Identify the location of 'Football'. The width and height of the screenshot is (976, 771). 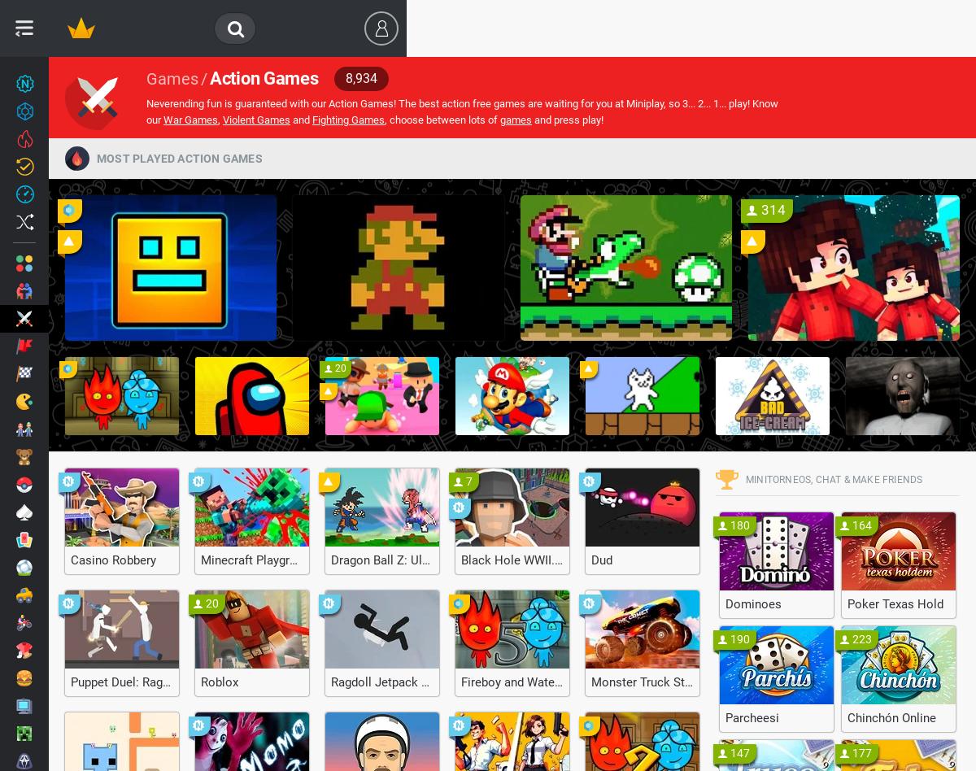
(71, 565).